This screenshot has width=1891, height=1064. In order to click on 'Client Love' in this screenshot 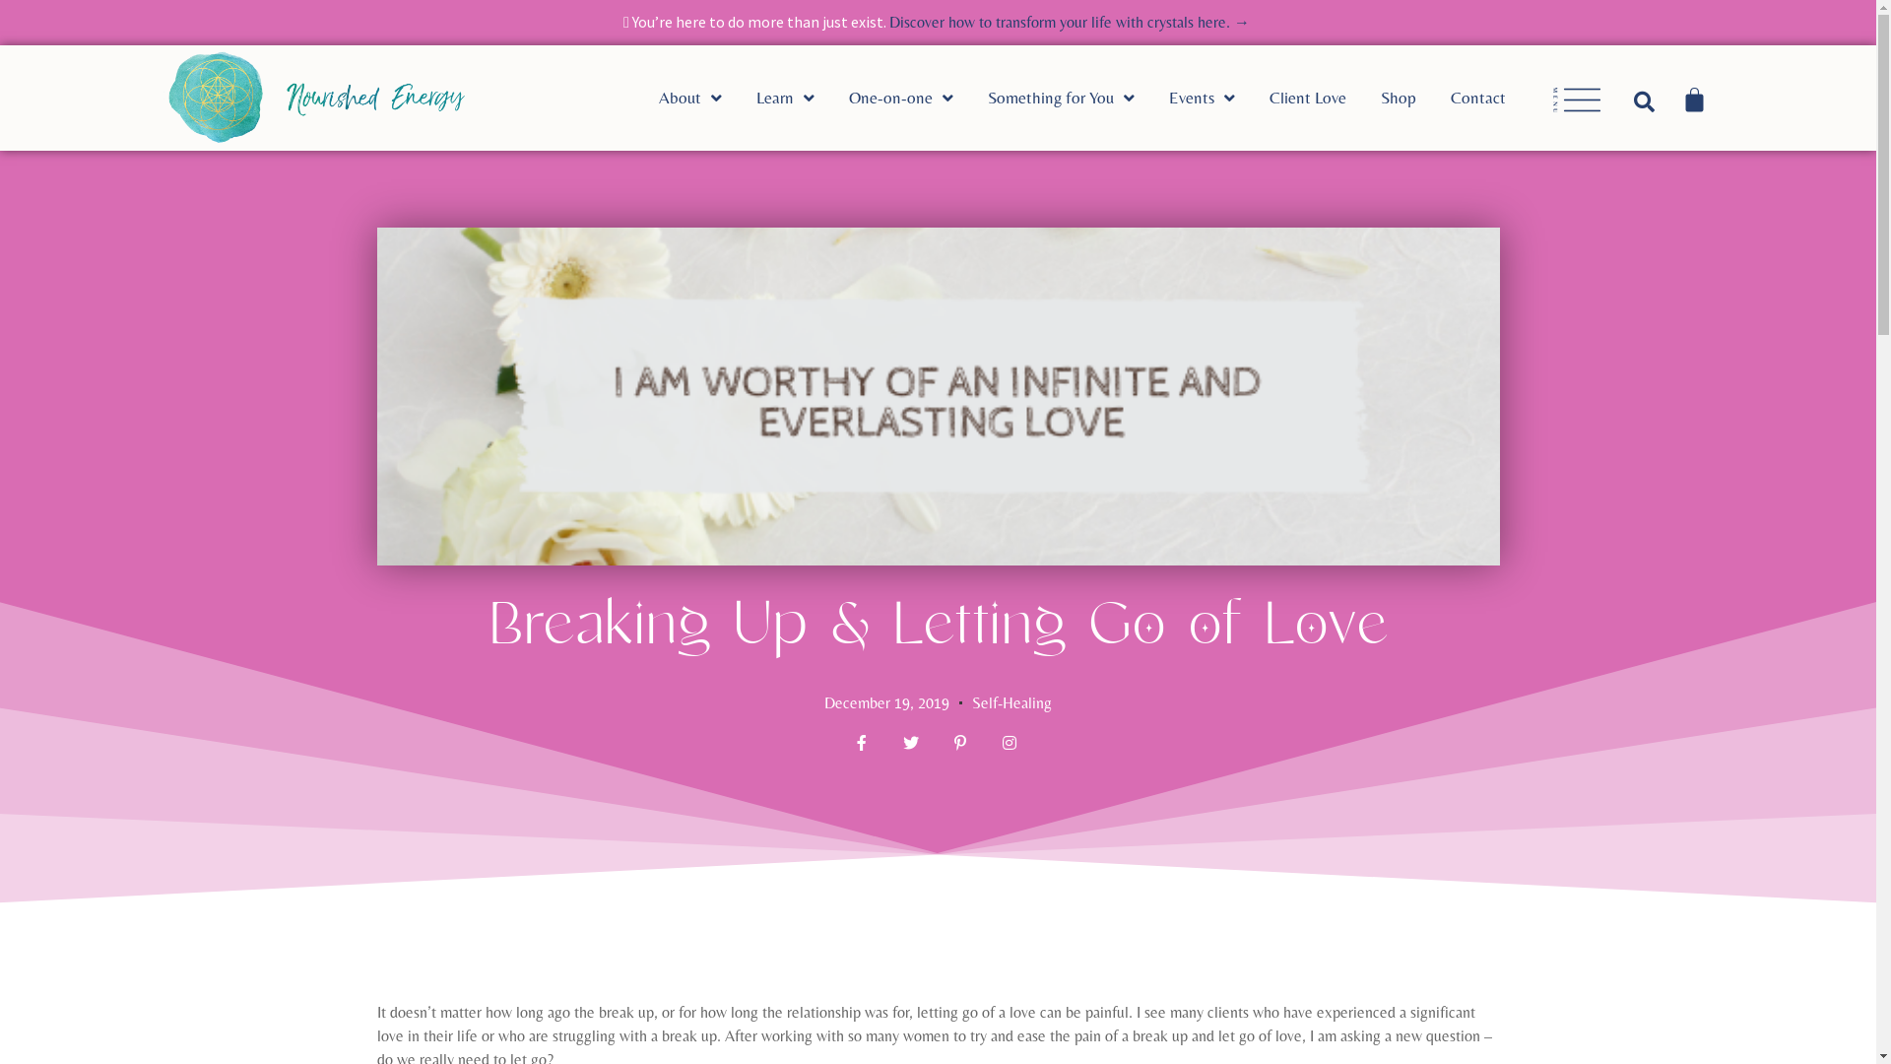, I will do `click(1325, 99)`.